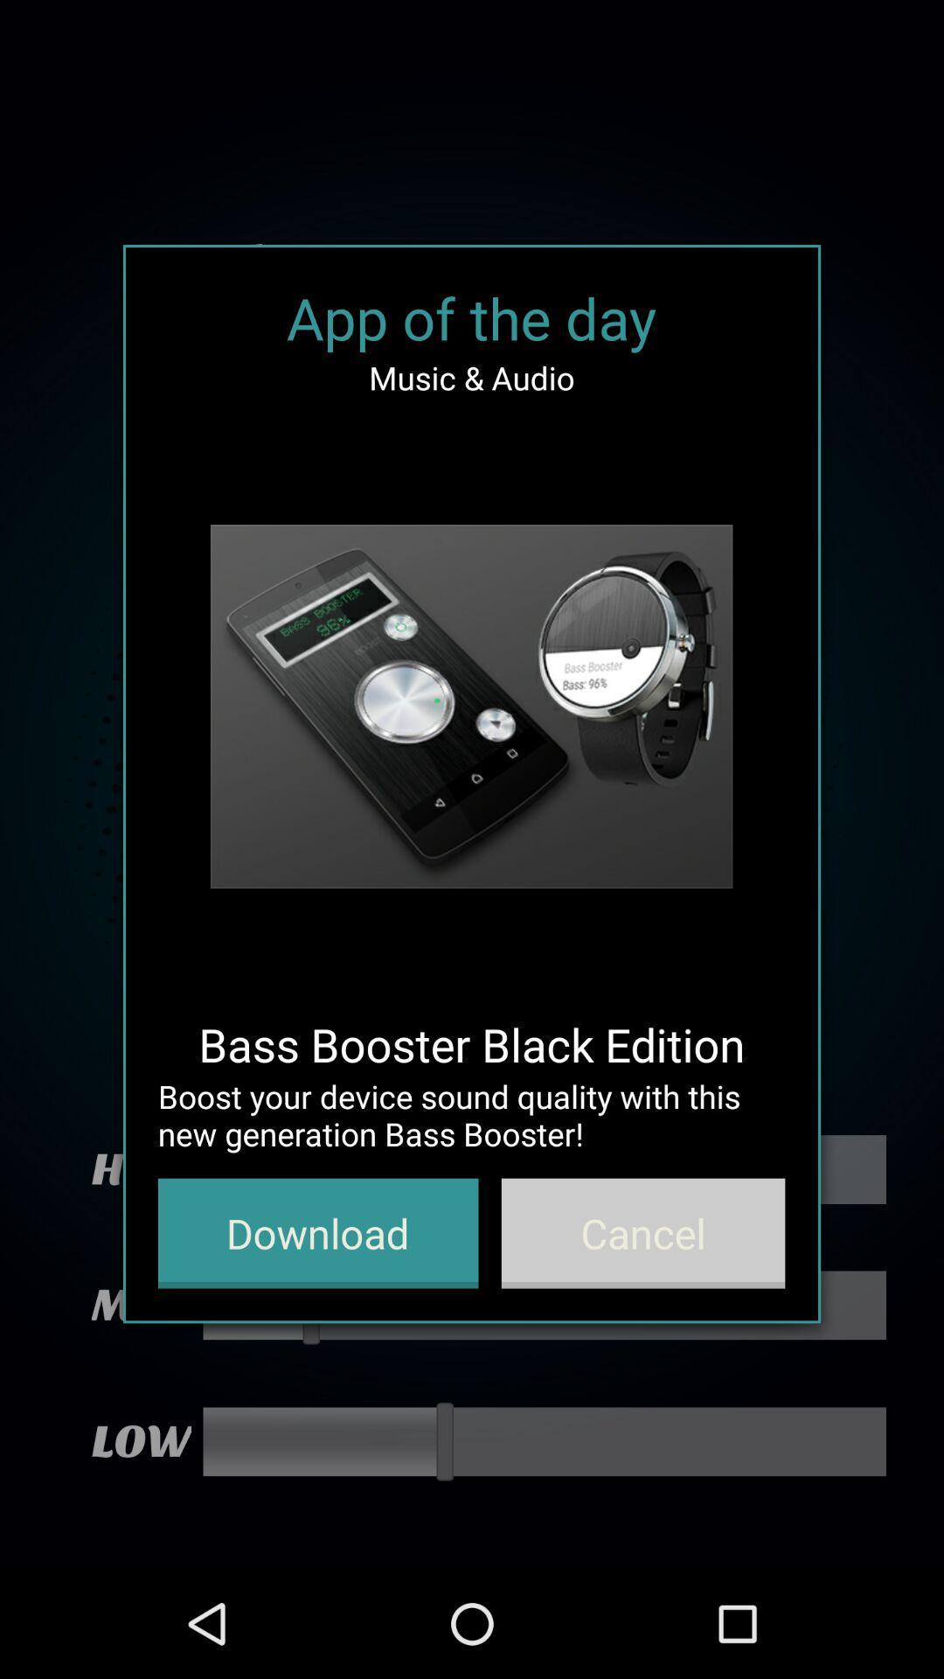 The image size is (944, 1679). What do you see at coordinates (318, 1232) in the screenshot?
I see `icon at the bottom` at bounding box center [318, 1232].